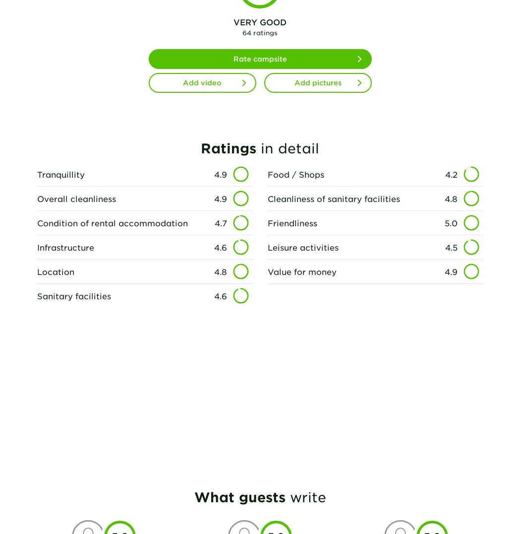  Describe the element at coordinates (36, 174) in the screenshot. I see `'Tranquillity'` at that location.